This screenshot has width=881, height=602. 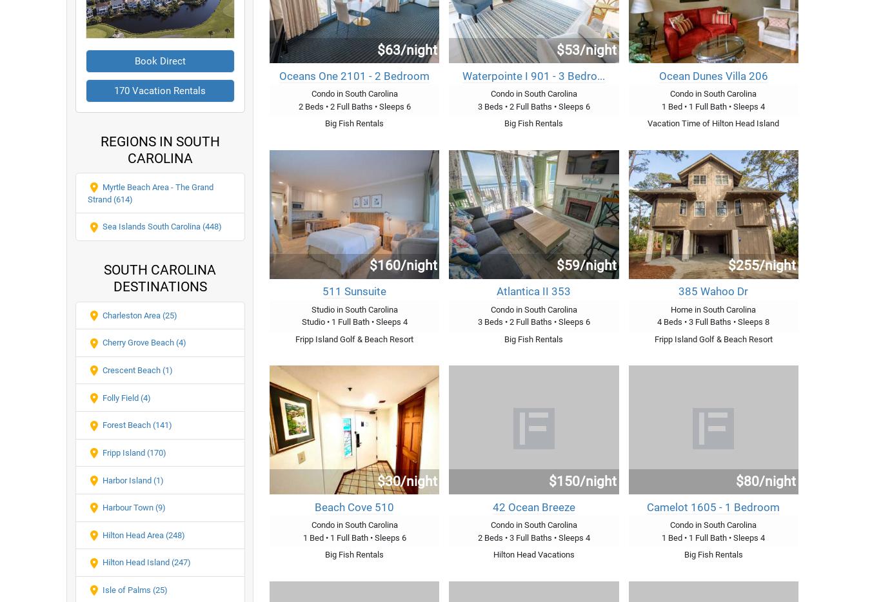 I want to click on 'Places to Rent in Plum Island Massachusetts', so click(x=358, y=370).